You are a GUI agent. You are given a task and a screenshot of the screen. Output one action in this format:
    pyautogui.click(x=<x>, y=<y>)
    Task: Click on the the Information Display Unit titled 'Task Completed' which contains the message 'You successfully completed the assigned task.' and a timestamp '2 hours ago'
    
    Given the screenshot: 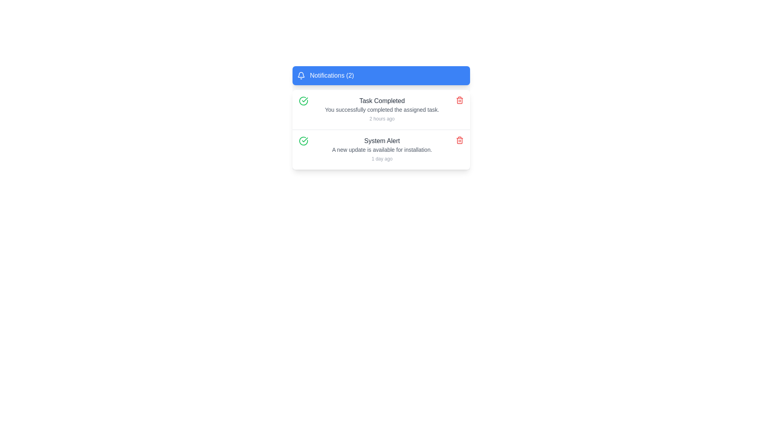 What is the action you would take?
    pyautogui.click(x=382, y=110)
    